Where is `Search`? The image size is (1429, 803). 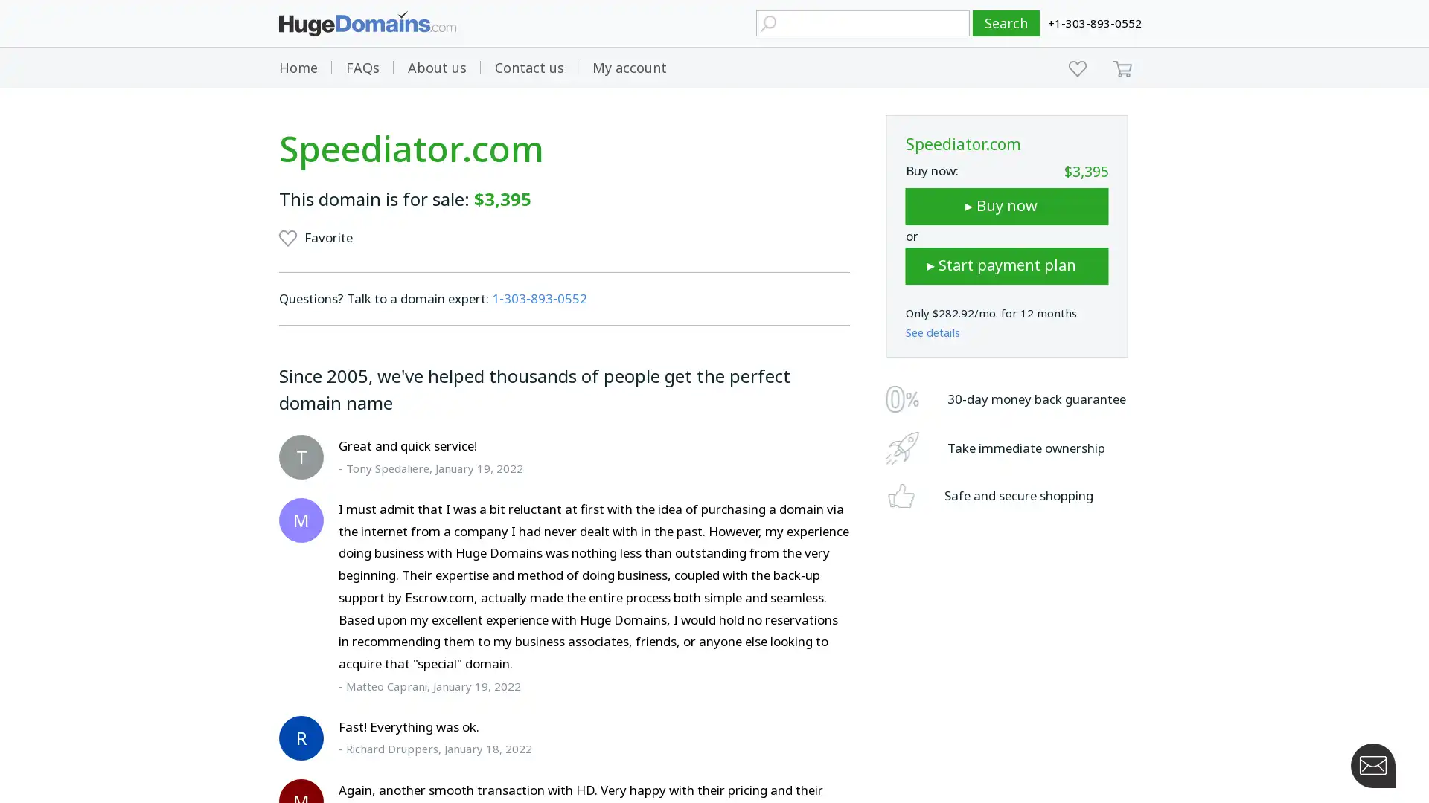
Search is located at coordinates (1006, 23).